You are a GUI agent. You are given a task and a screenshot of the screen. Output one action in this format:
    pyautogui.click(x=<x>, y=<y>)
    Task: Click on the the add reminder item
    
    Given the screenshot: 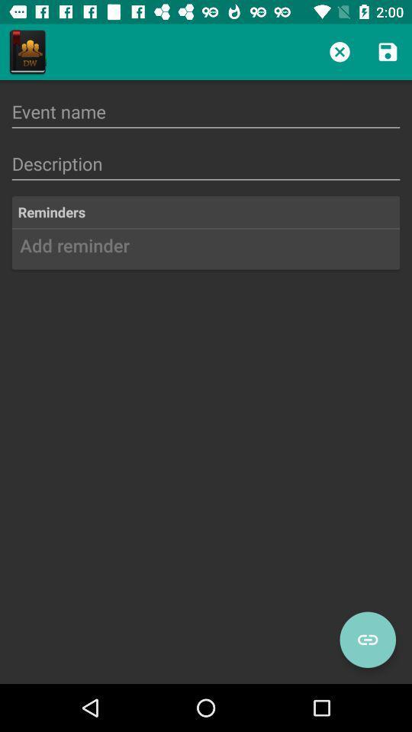 What is the action you would take?
    pyautogui.click(x=206, y=251)
    